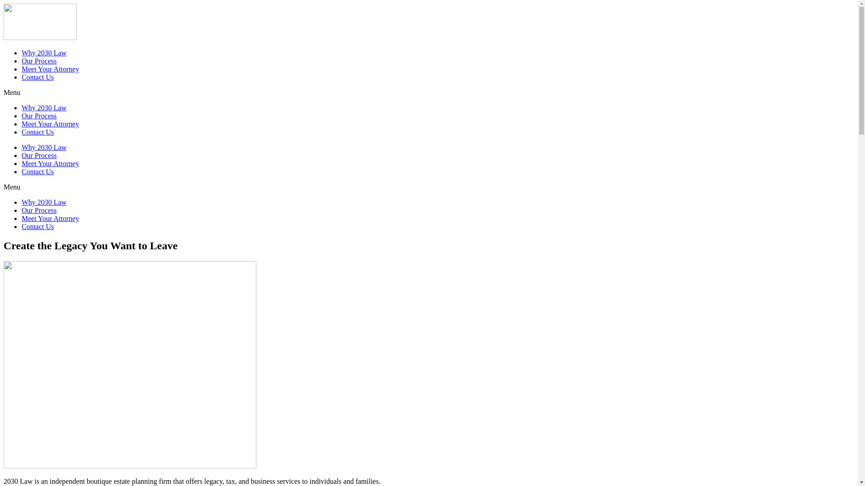 Image resolution: width=865 pixels, height=486 pixels. Describe the element at coordinates (50, 68) in the screenshot. I see `'Meet Your Attorney'` at that location.